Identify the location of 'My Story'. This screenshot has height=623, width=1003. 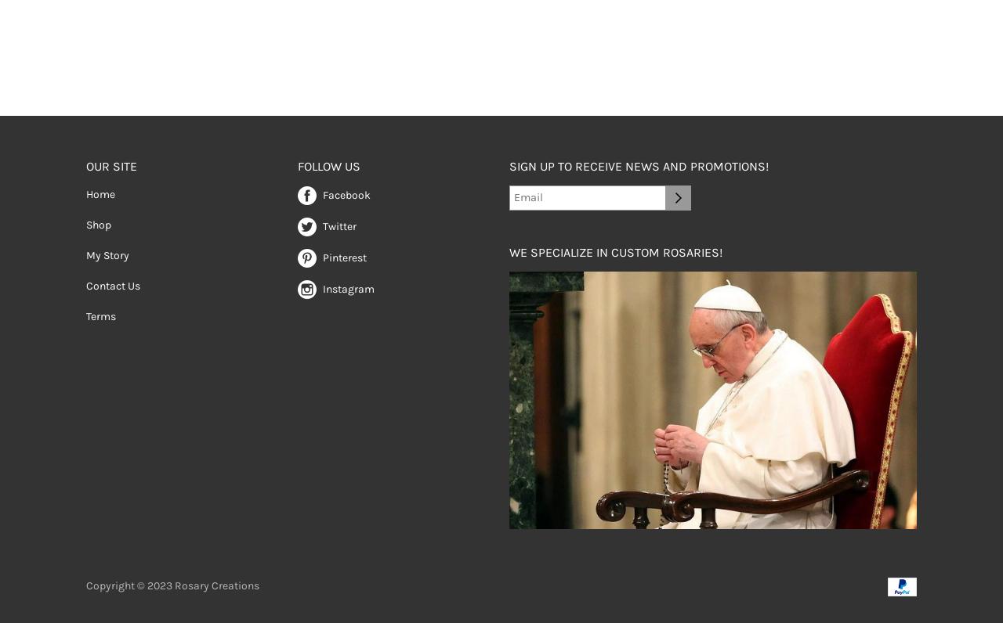
(107, 254).